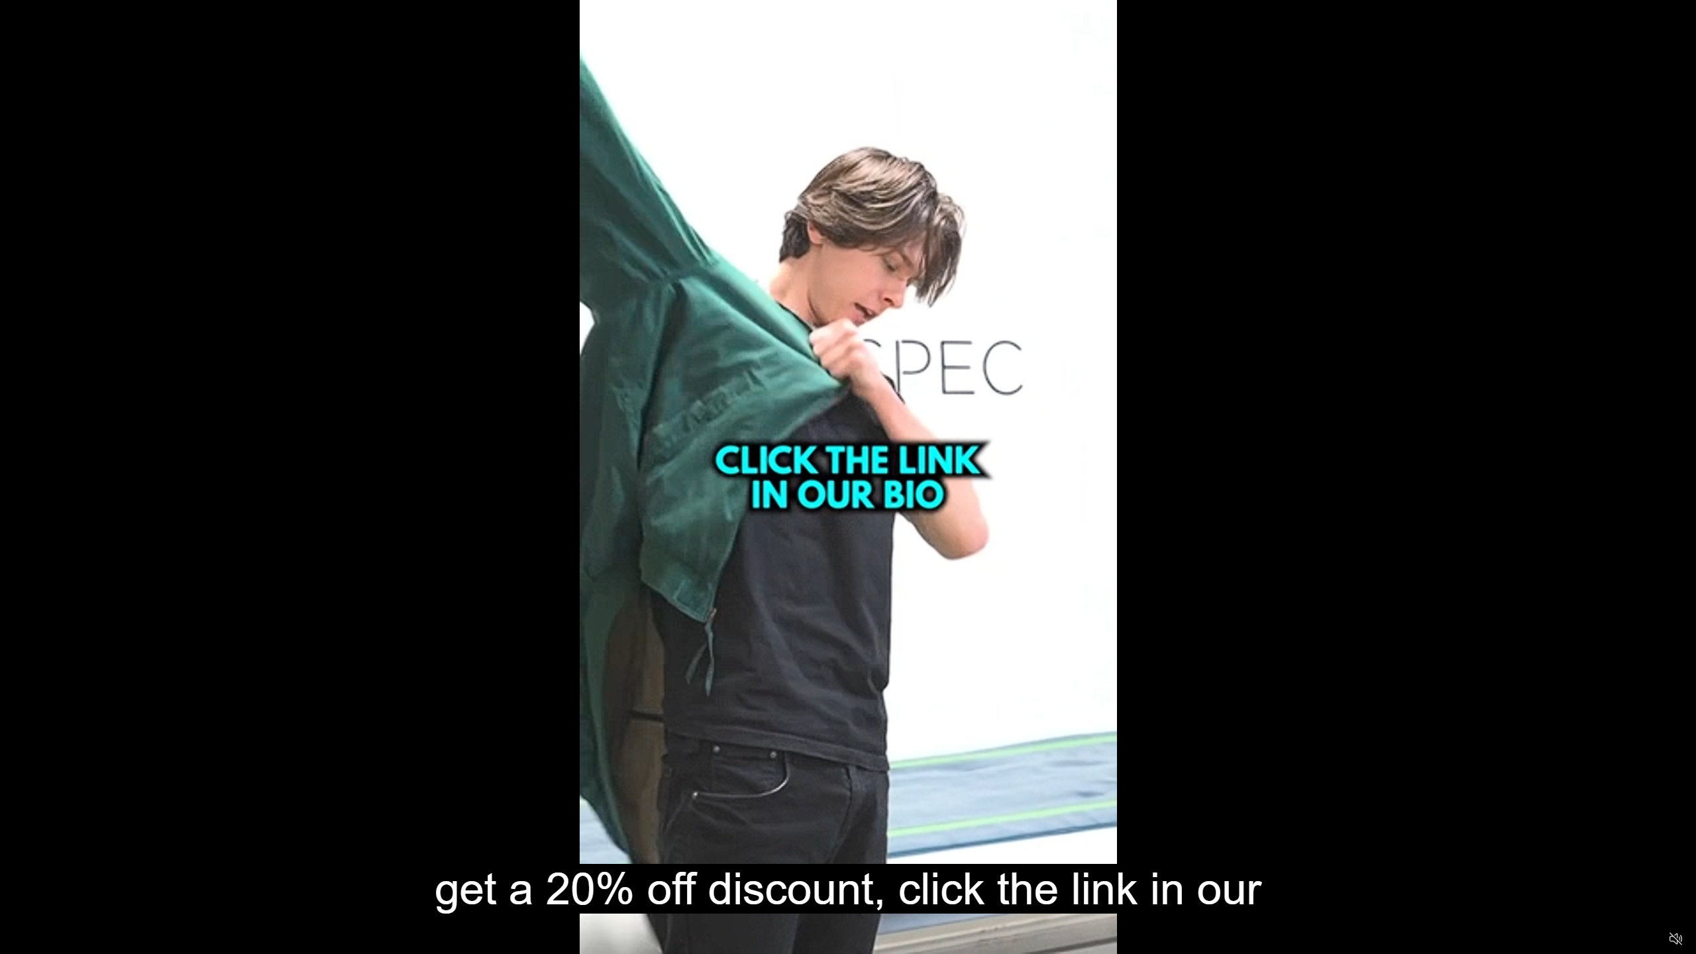 The height and width of the screenshot is (954, 1696). What do you see at coordinates (1675, 938) in the screenshot?
I see `'Unmute'` at bounding box center [1675, 938].